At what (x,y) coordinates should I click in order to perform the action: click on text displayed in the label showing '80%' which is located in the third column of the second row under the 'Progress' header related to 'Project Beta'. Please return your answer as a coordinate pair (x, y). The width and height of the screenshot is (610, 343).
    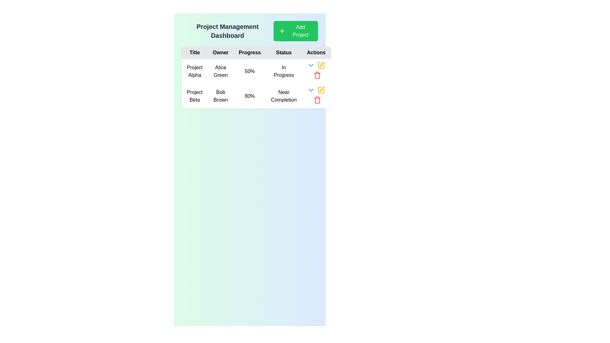
    Looking at the image, I should click on (249, 96).